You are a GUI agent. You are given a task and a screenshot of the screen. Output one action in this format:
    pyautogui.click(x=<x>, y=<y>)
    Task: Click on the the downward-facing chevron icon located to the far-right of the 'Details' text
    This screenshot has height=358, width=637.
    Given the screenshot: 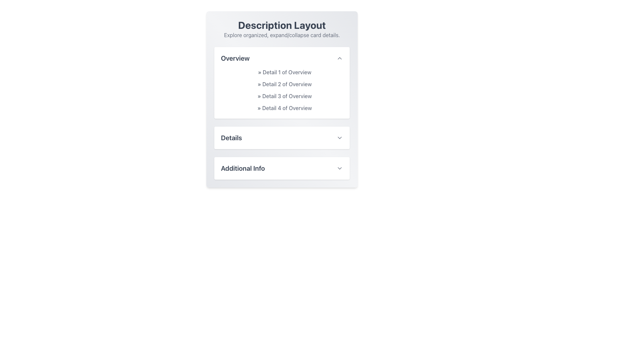 What is the action you would take?
    pyautogui.click(x=339, y=138)
    